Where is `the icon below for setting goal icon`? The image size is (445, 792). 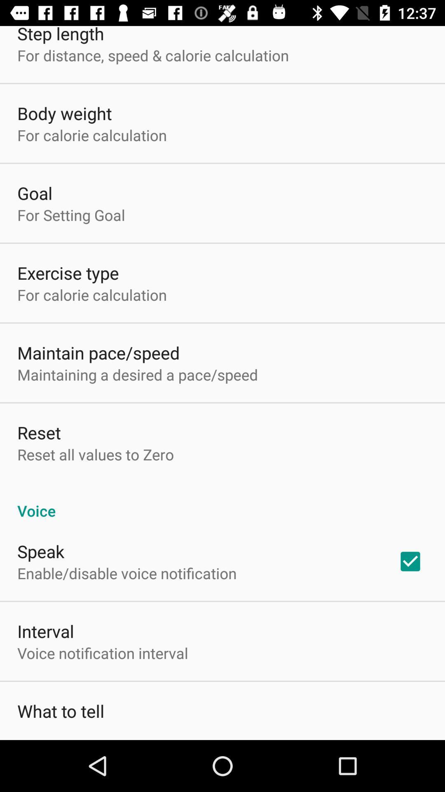
the icon below for setting goal icon is located at coordinates (68, 273).